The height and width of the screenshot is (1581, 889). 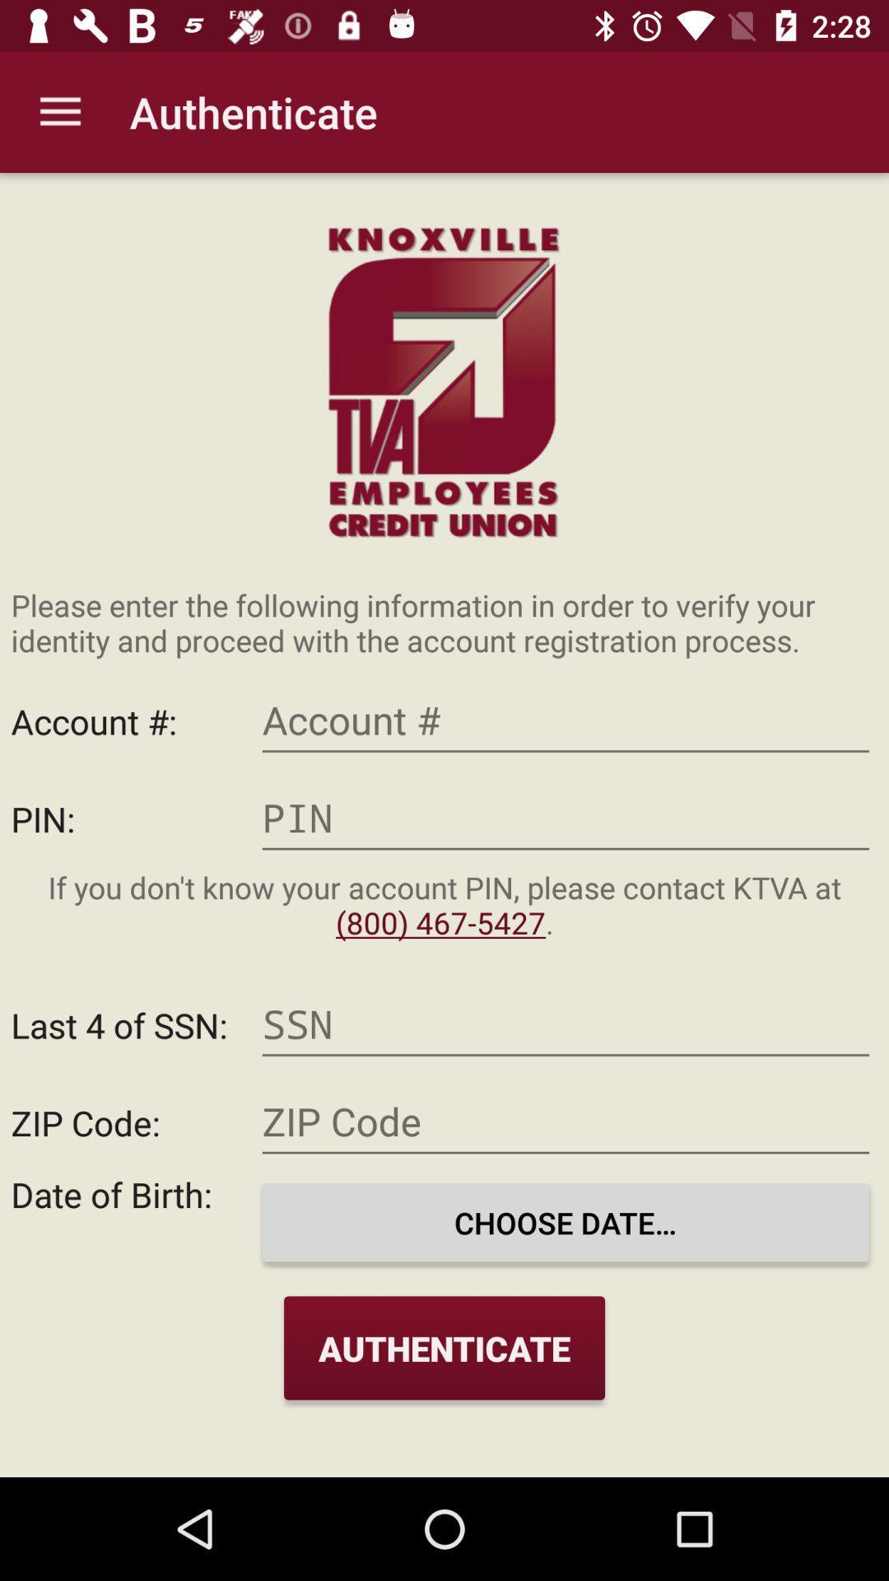 I want to click on account number, so click(x=565, y=721).